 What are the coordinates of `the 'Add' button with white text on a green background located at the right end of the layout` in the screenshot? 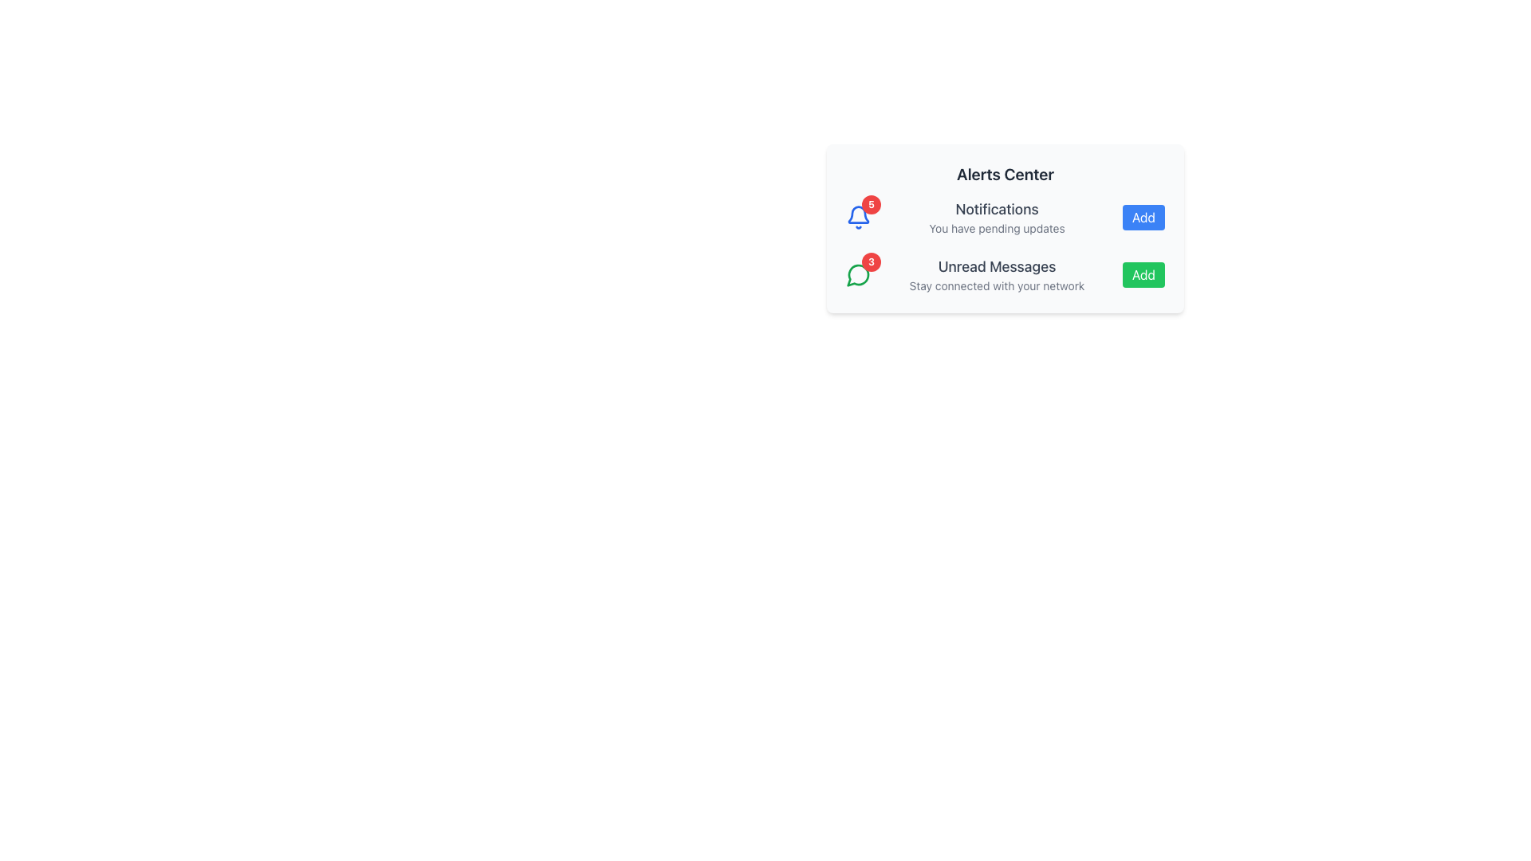 It's located at (1143, 273).